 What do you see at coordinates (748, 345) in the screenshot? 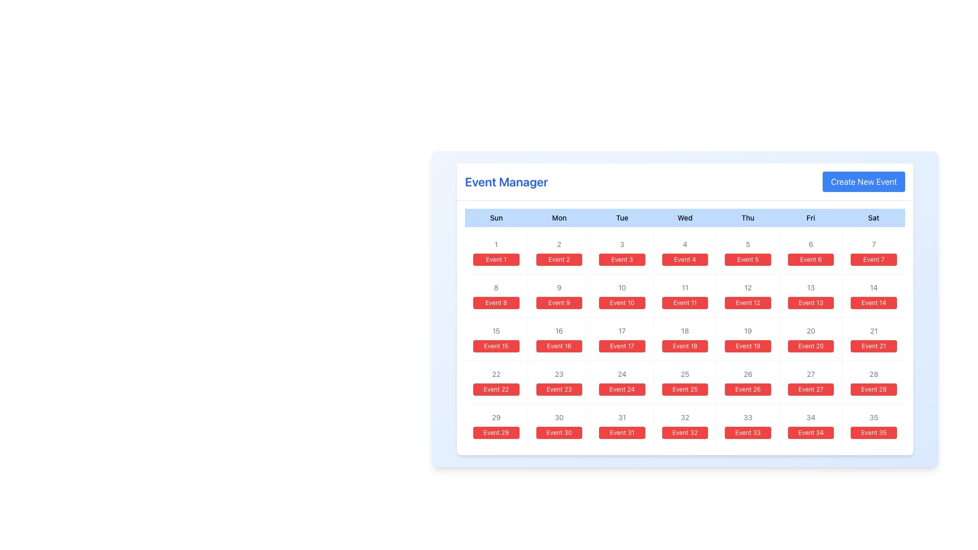
I see `the non-interactive button labeled 'Event 19' with a red background located in the Thursday column of the calendar` at bounding box center [748, 345].